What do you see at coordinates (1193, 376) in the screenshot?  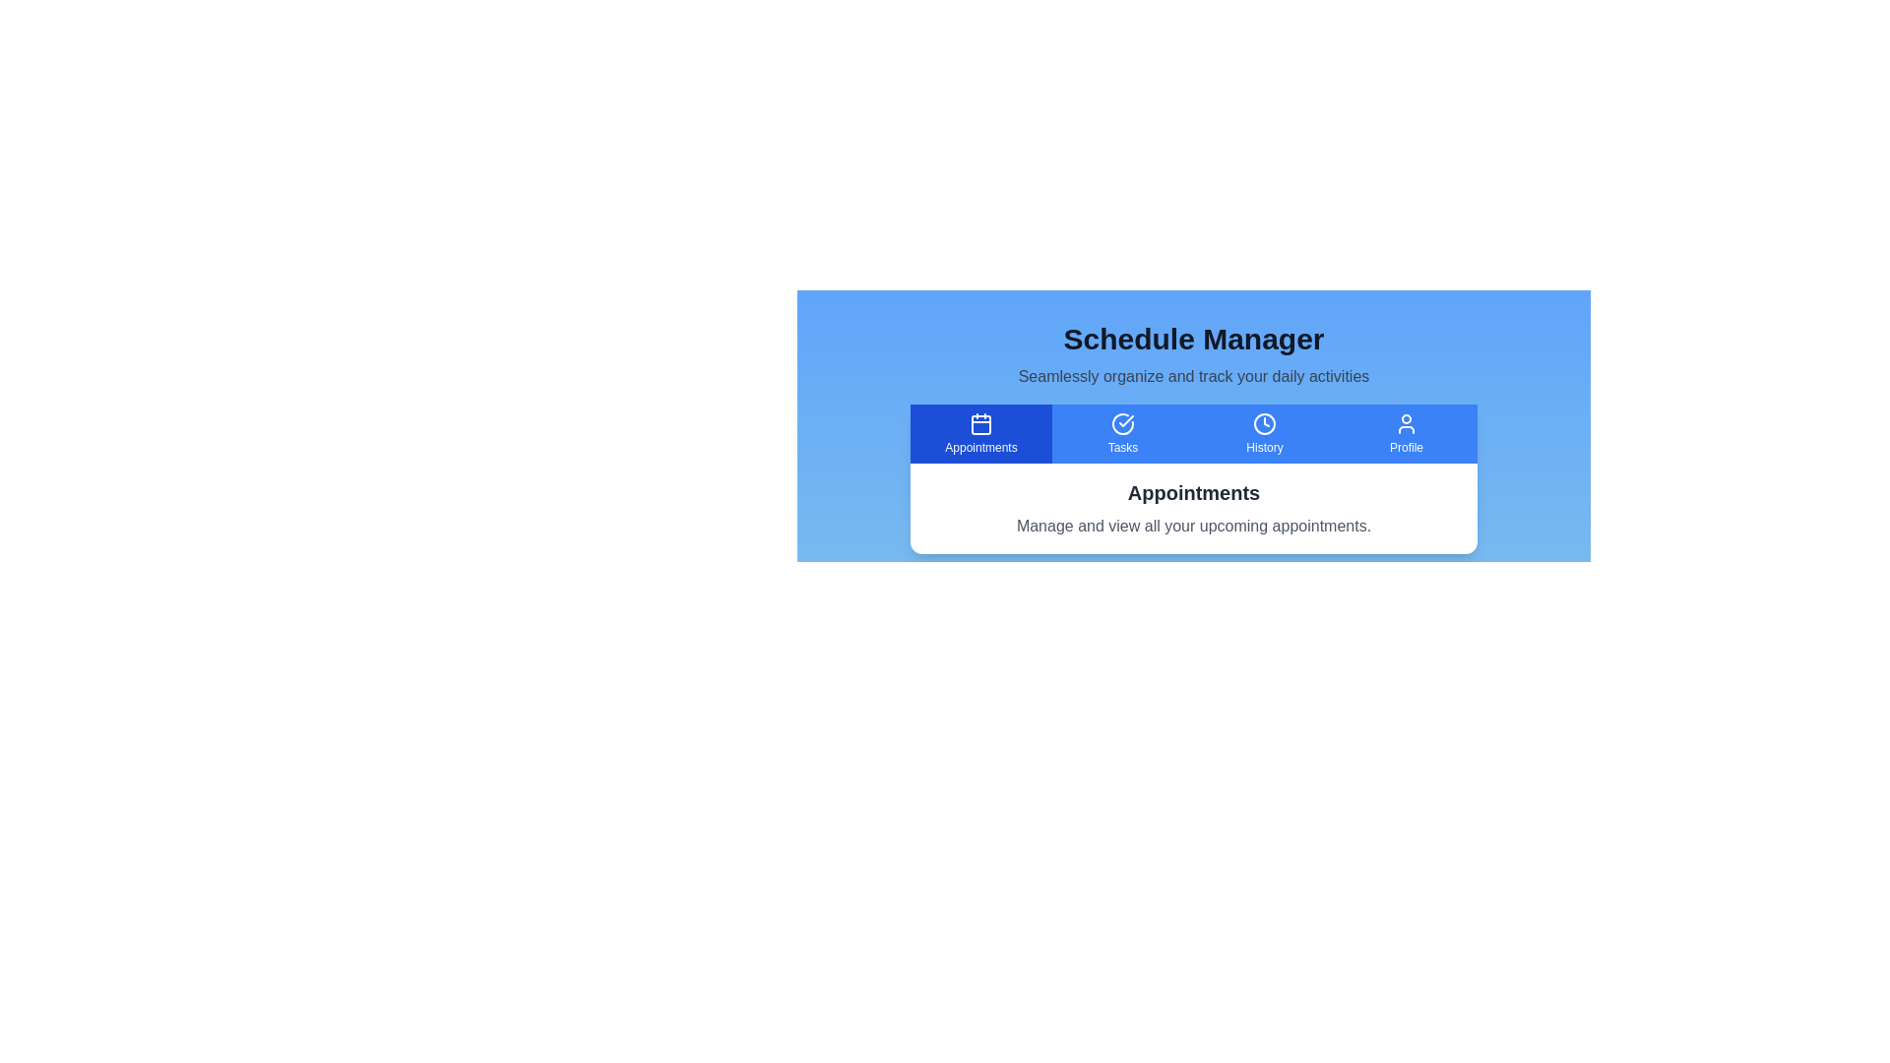 I see `descriptive information provided by the Text Label located below the 'Schedule Manager' heading, which serves as a subheading for the 'Schedule Manager' section` at bounding box center [1193, 376].